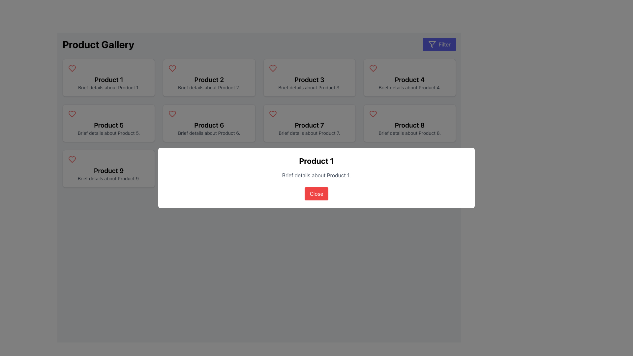 Image resolution: width=633 pixels, height=356 pixels. I want to click on the text reading 'Brief details about Product 2.' which is located directly below the title 'Product 2' in the second product card of the gallery, so click(209, 87).